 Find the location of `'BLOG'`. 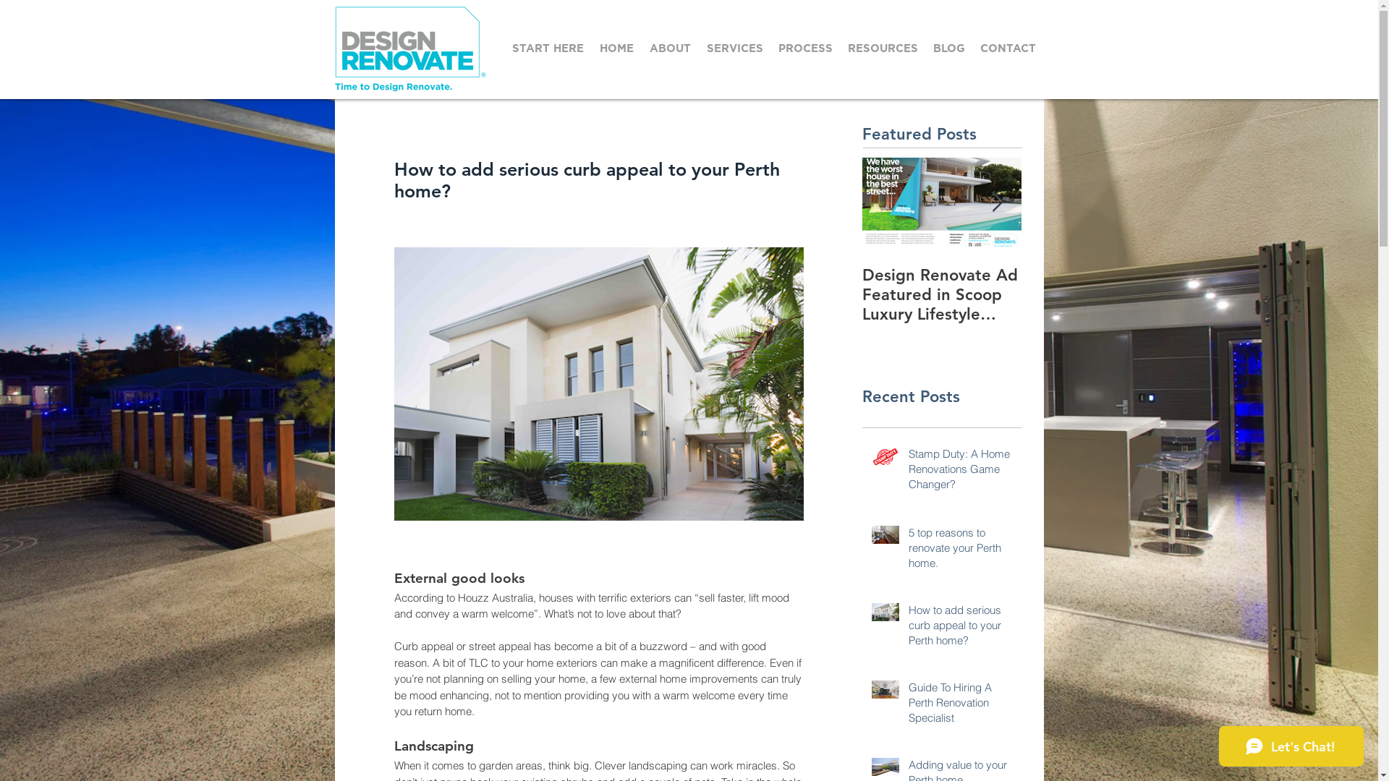

'BLOG' is located at coordinates (926, 48).